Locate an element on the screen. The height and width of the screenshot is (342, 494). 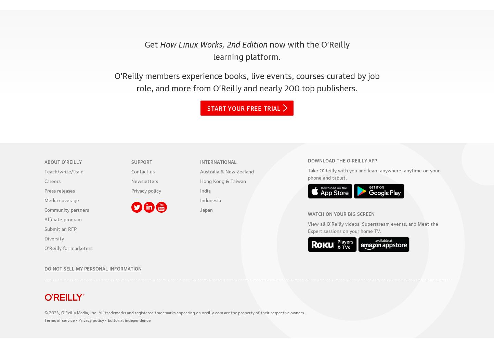
'About O’Reilly' is located at coordinates (44, 161).